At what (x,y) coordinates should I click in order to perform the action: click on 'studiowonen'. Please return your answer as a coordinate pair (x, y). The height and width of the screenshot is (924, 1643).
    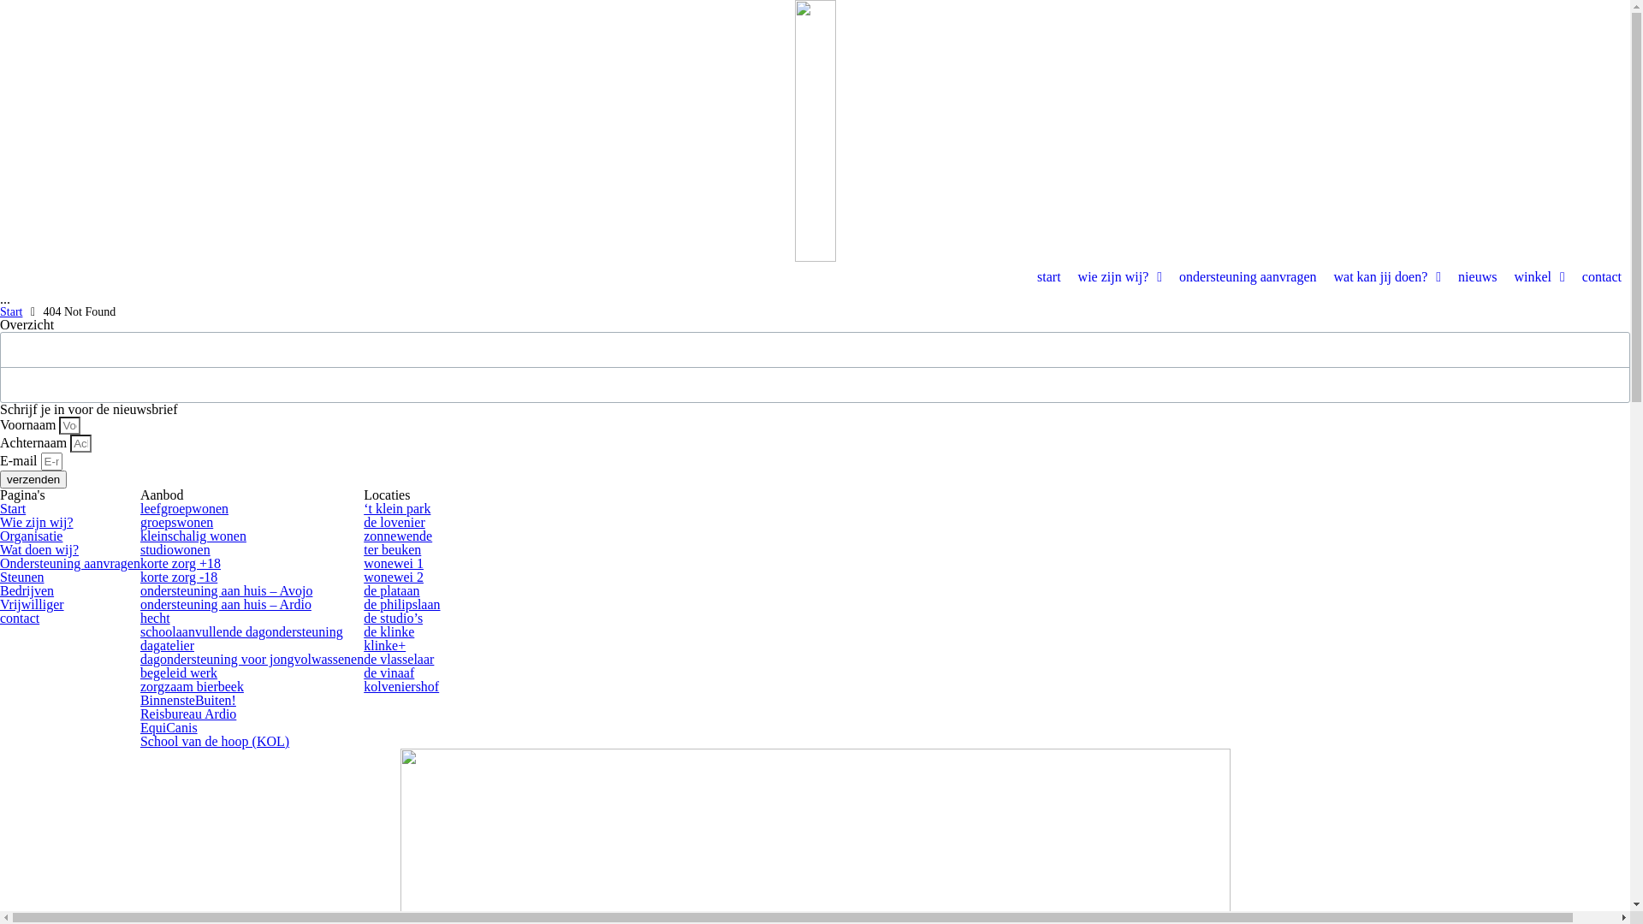
    Looking at the image, I should click on (139, 549).